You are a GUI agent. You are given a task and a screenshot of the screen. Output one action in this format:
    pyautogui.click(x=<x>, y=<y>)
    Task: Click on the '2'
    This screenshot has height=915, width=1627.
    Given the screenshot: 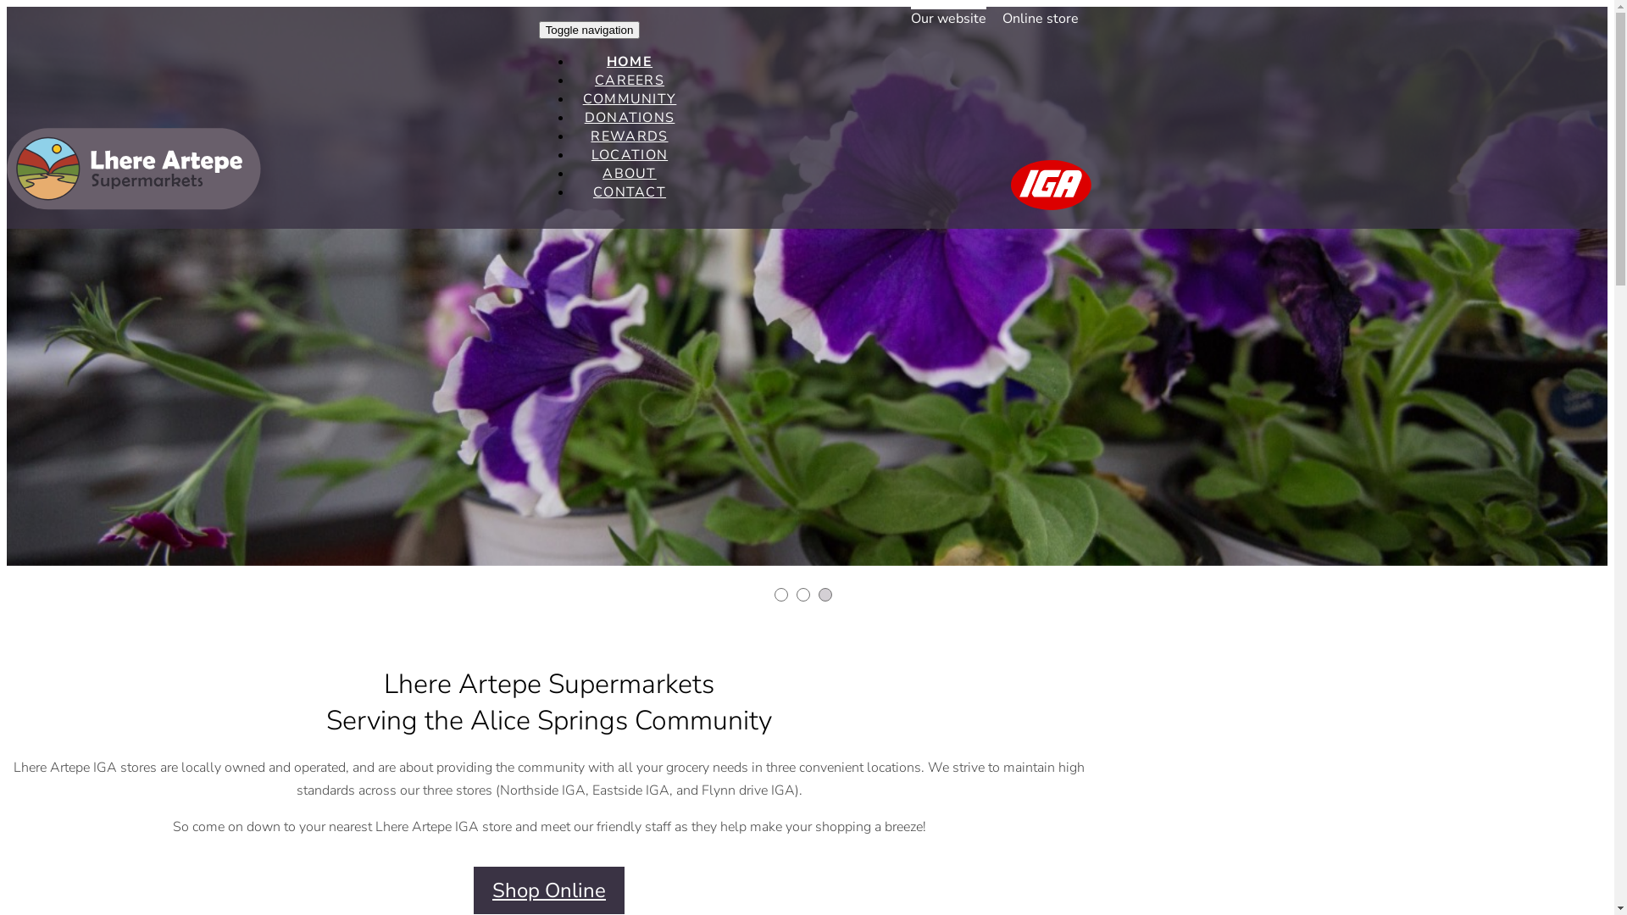 What is the action you would take?
    pyautogui.click(x=802, y=594)
    